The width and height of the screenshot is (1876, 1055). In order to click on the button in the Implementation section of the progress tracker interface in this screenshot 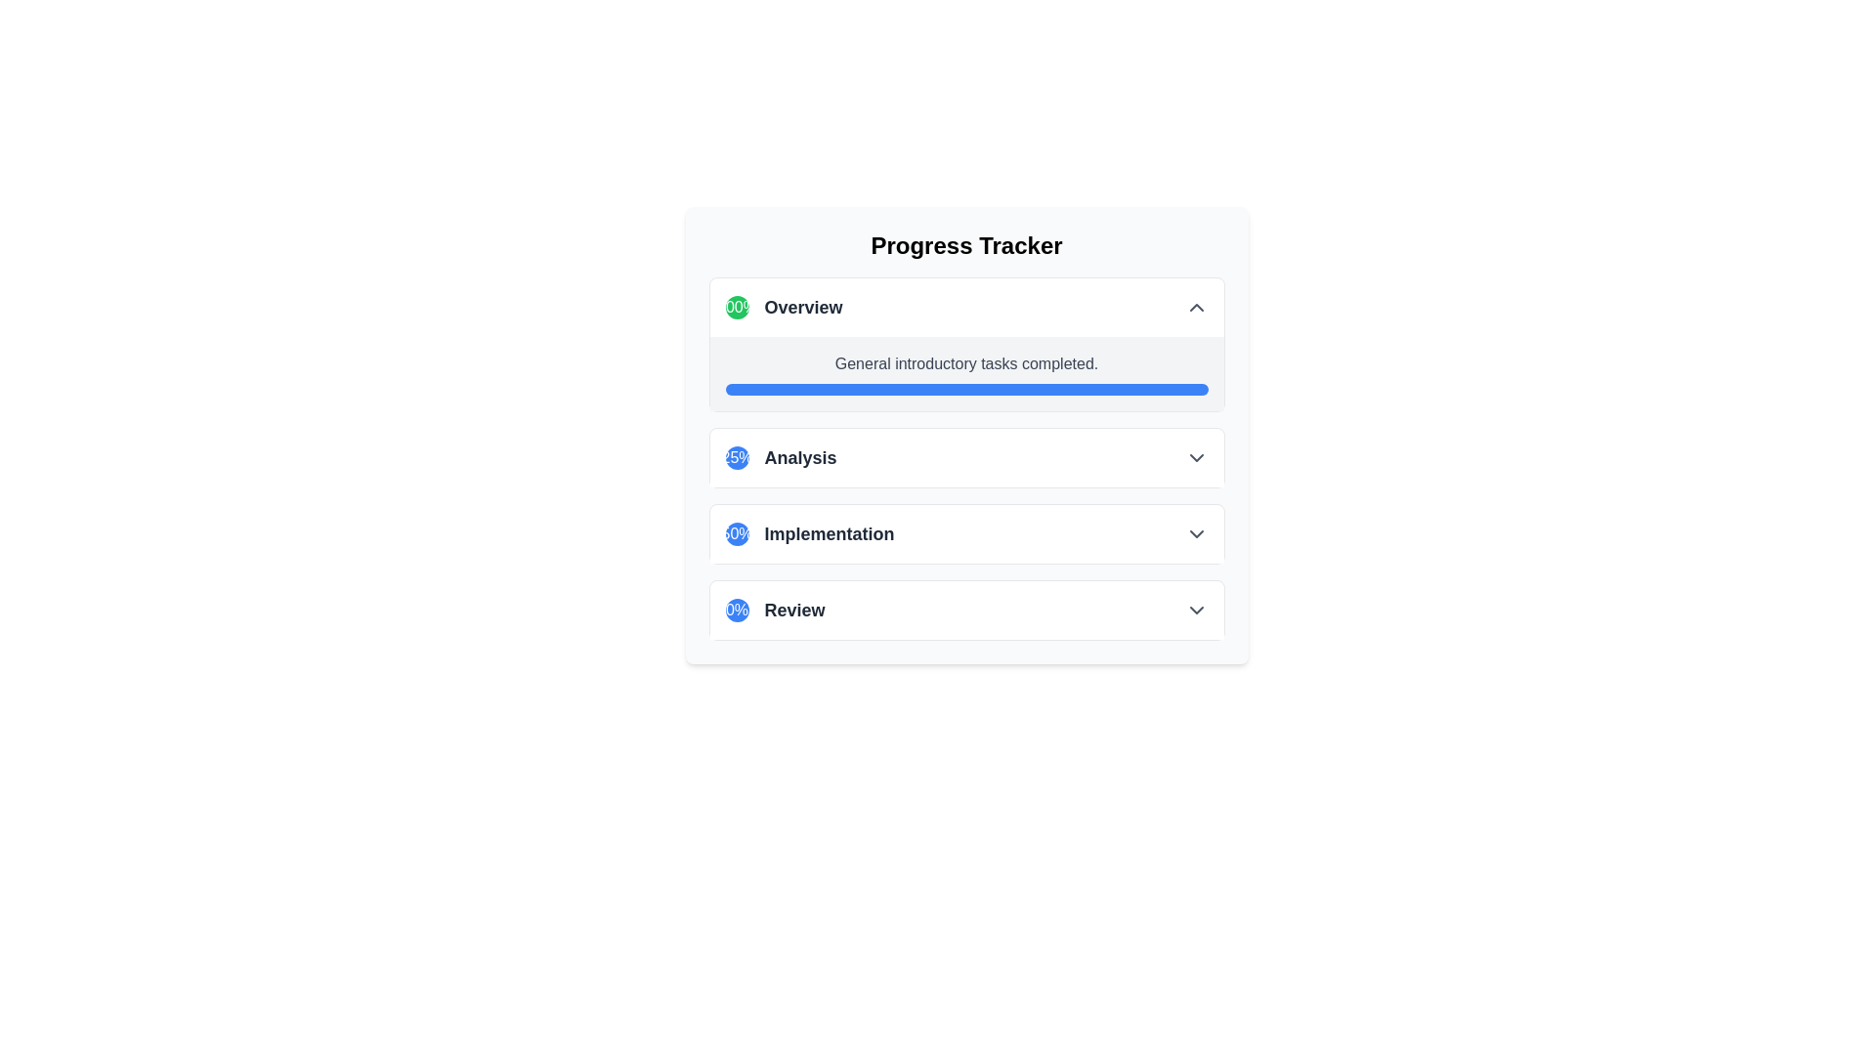, I will do `click(966, 534)`.